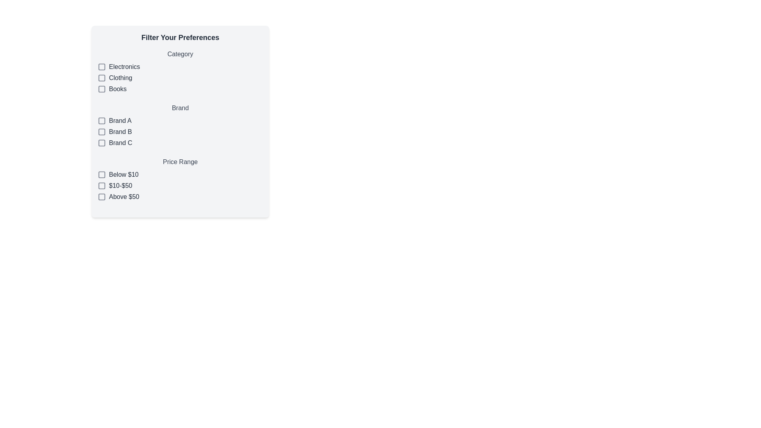 This screenshot has width=761, height=428. Describe the element at coordinates (180, 179) in the screenshot. I see `the checkbox group located in the 'Filter Your Preferences' panel under the 'Brand' section, which allows users to select price range options: 'Below $10', '$10-$50', and 'Above $50'` at that location.